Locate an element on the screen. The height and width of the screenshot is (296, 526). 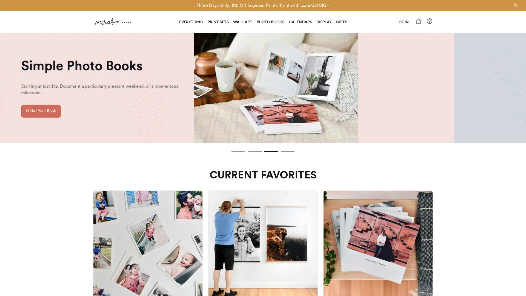
Close is located at coordinates (515, 5).